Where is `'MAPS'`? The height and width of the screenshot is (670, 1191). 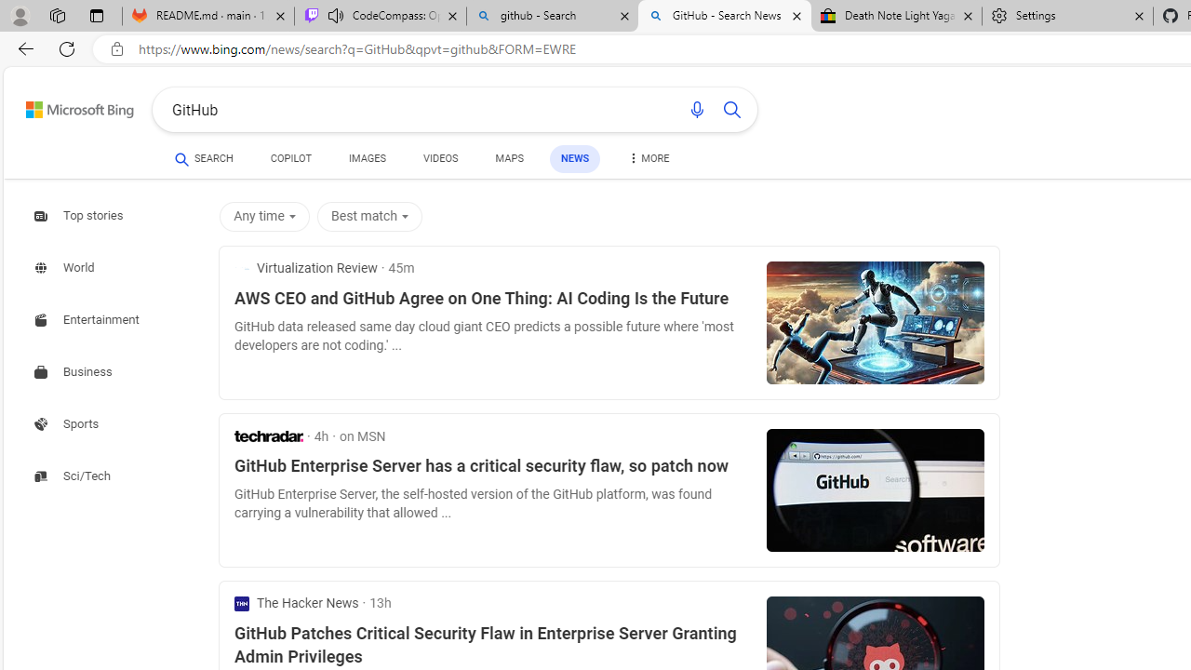
'MAPS' is located at coordinates (509, 158).